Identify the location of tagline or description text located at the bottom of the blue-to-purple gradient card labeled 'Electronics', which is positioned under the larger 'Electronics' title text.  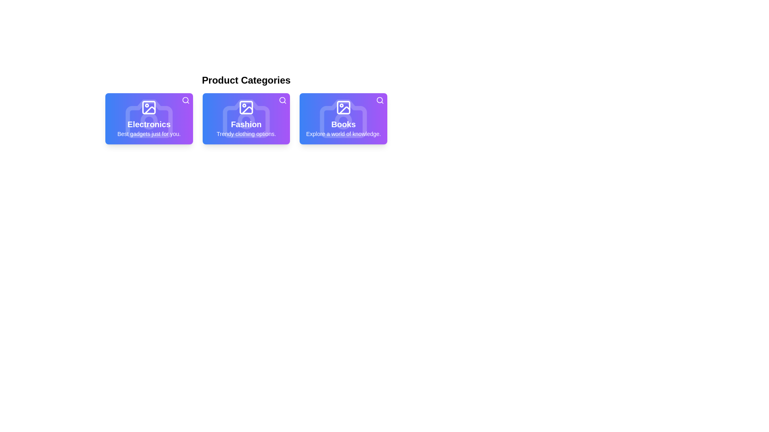
(149, 134).